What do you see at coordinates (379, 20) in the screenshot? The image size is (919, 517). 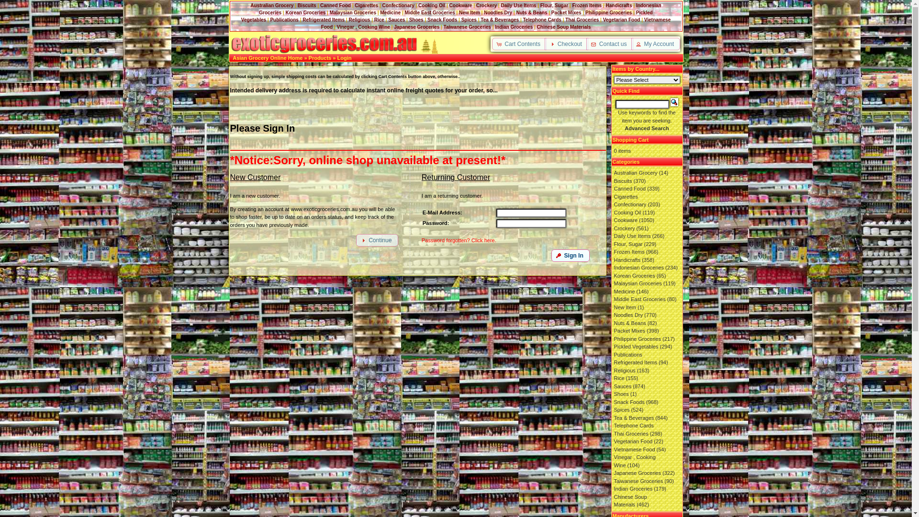 I see `'Rice'` at bounding box center [379, 20].